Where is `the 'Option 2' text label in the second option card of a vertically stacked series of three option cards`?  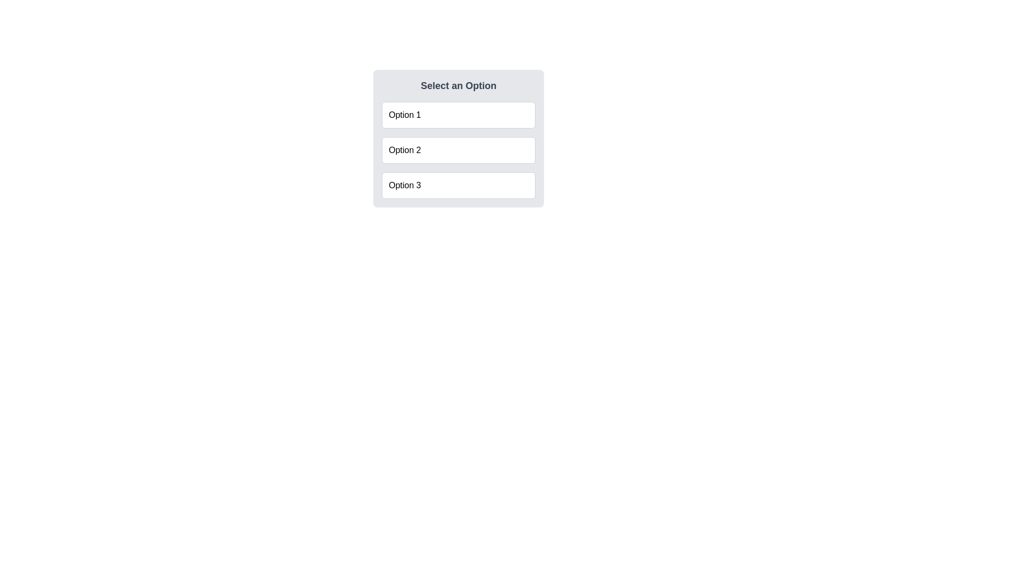
the 'Option 2' text label in the second option card of a vertically stacked series of three option cards is located at coordinates (404, 150).